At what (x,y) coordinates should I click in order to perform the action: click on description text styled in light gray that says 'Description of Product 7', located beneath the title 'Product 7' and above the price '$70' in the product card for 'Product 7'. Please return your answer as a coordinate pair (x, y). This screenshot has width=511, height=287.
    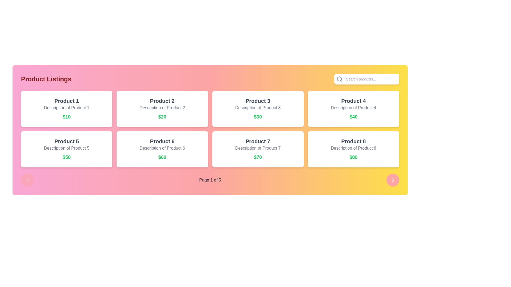
    Looking at the image, I should click on (258, 148).